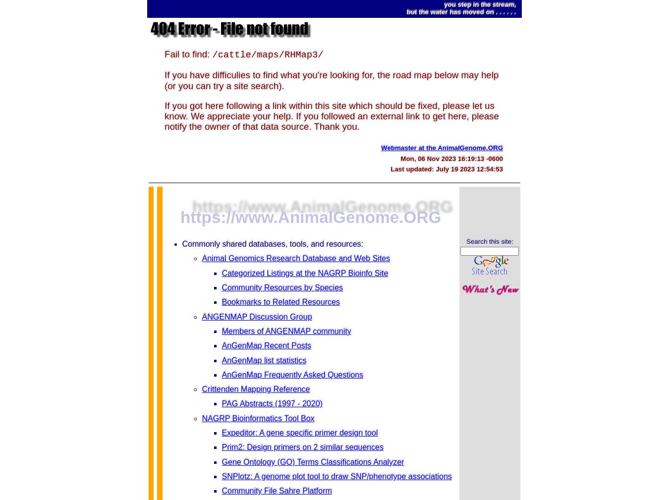 The image size is (669, 500). Describe the element at coordinates (267, 54) in the screenshot. I see `'/cattle/maps/RHMap3/'` at that location.